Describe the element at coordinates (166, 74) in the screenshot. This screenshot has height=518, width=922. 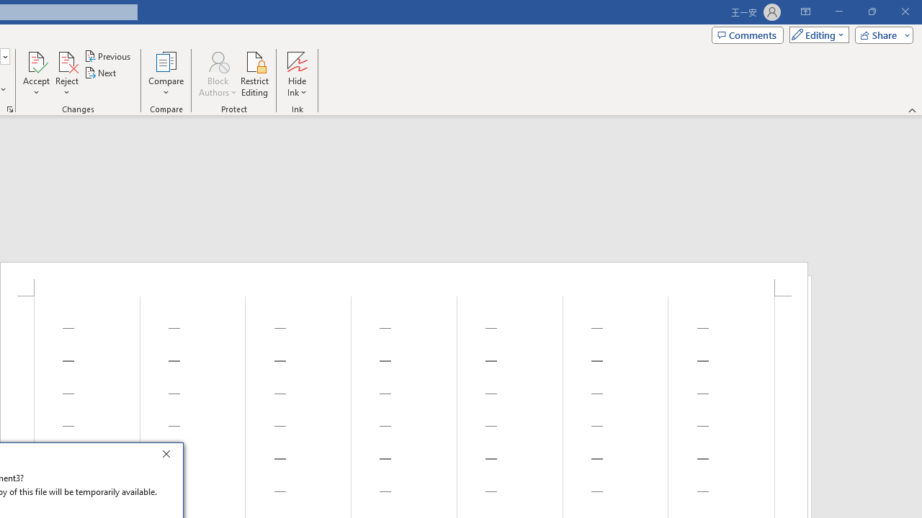
I see `'Compare'` at that location.